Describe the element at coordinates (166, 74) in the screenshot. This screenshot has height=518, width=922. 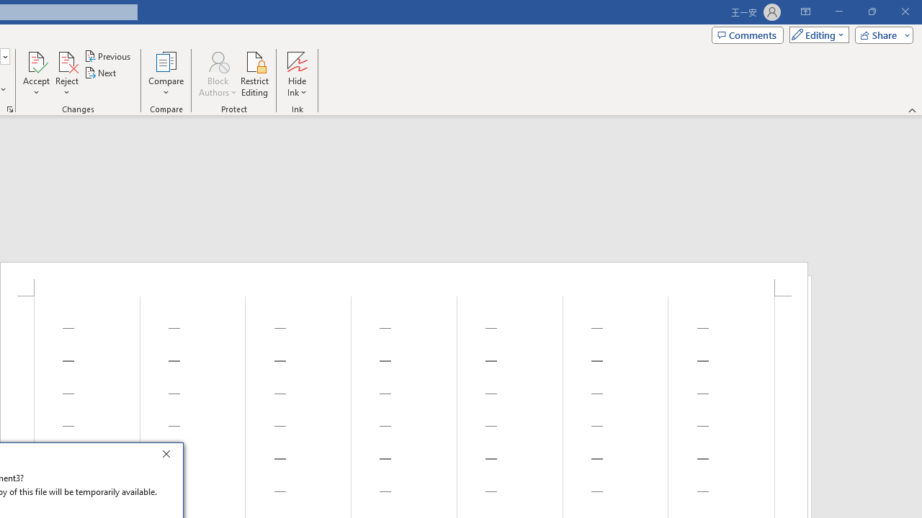
I see `'Compare'` at that location.